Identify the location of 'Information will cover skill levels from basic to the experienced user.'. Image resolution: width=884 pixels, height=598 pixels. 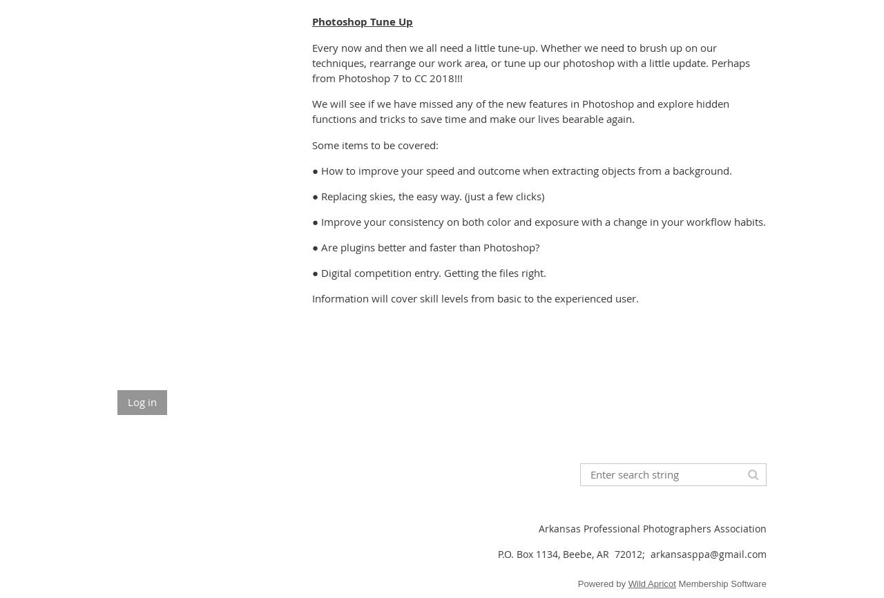
(475, 297).